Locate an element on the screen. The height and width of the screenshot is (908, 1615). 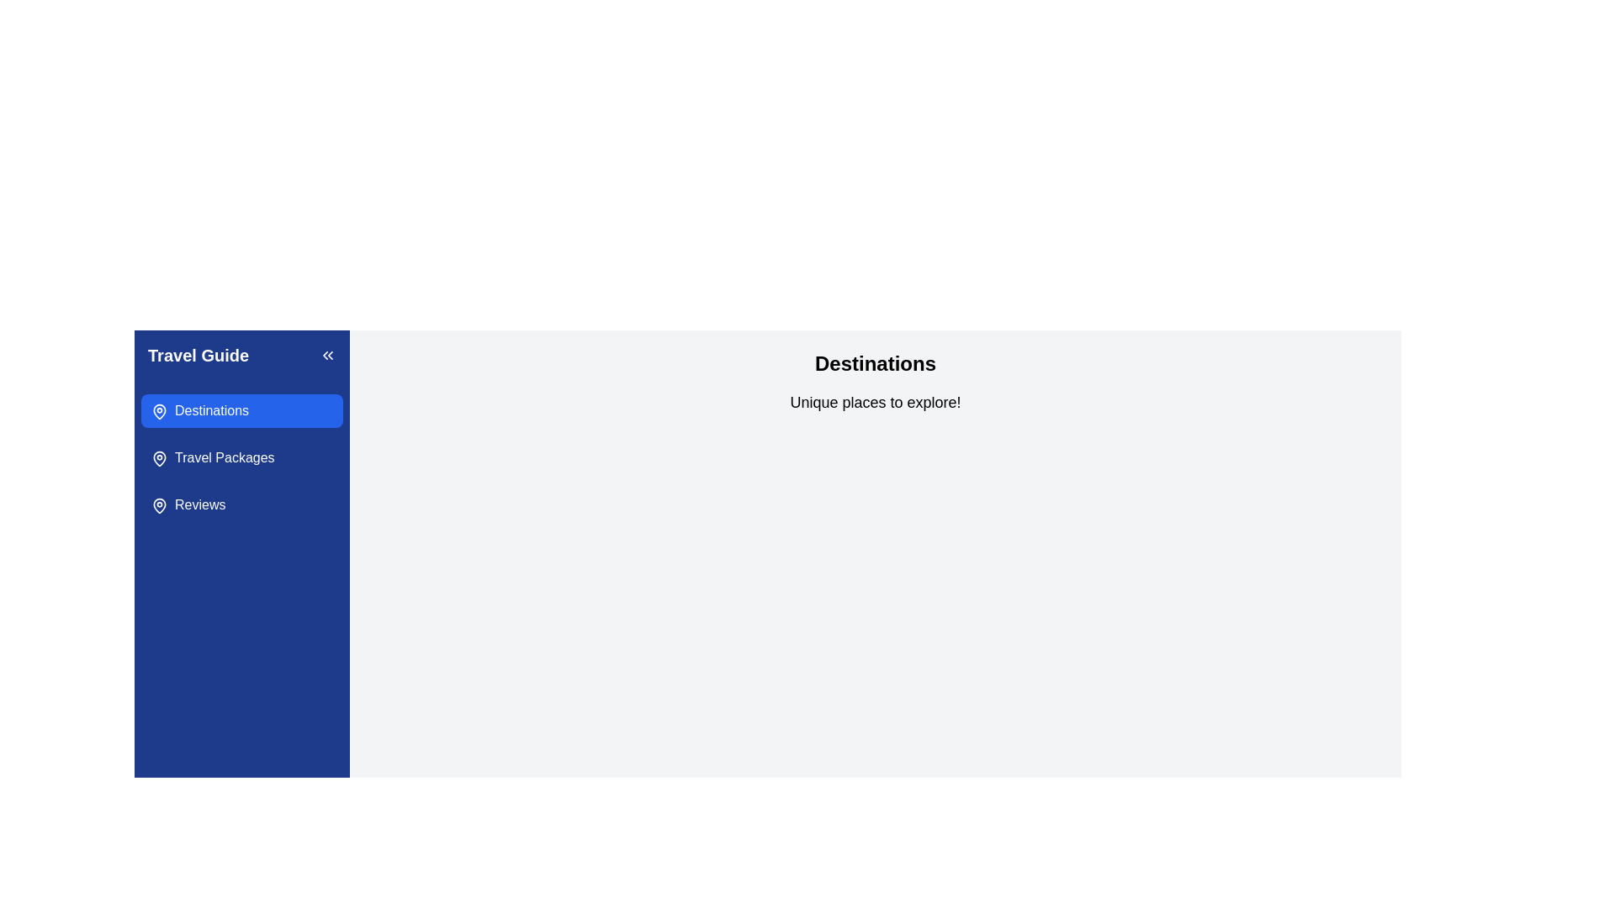
the navigational button located in the left sidebar, specifically positioned below the 'Travel Packages' button, to interact with its hover effects is located at coordinates (241, 504).